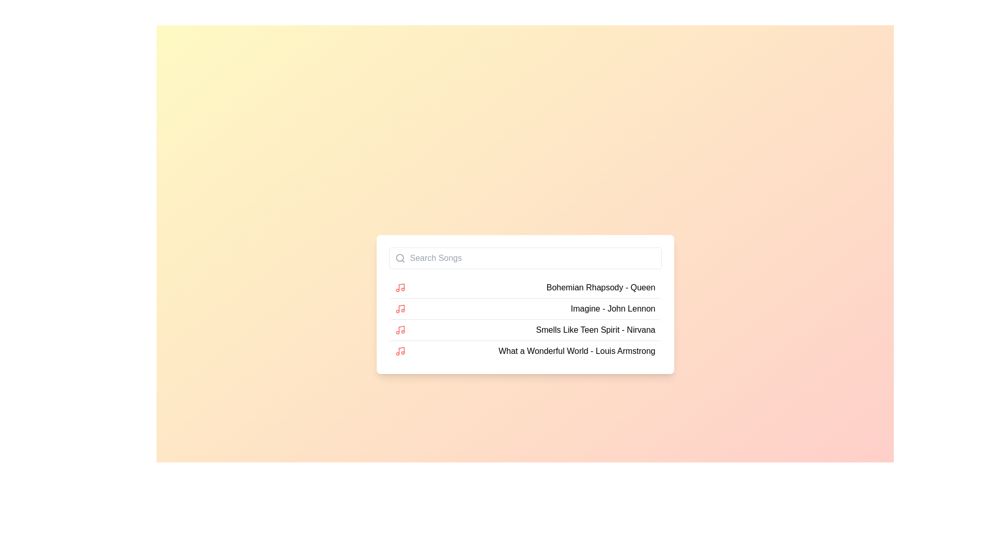 The height and width of the screenshot is (558, 992). I want to click on the selectable list item labeled 'Imagine - John Lennon' to activate its hover effect, so click(525, 308).